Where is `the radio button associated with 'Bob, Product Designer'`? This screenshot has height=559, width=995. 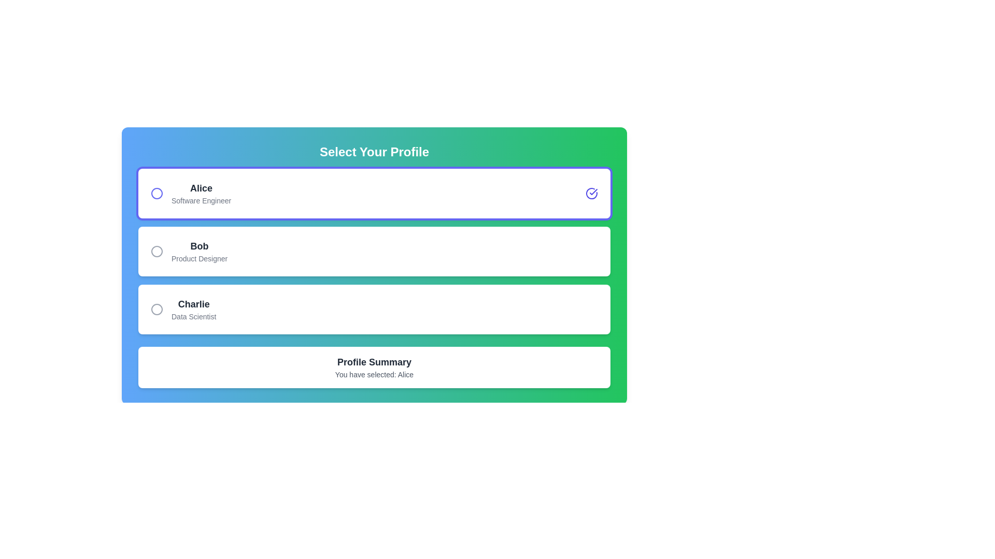
the radio button associated with 'Bob, Product Designer' is located at coordinates (156, 252).